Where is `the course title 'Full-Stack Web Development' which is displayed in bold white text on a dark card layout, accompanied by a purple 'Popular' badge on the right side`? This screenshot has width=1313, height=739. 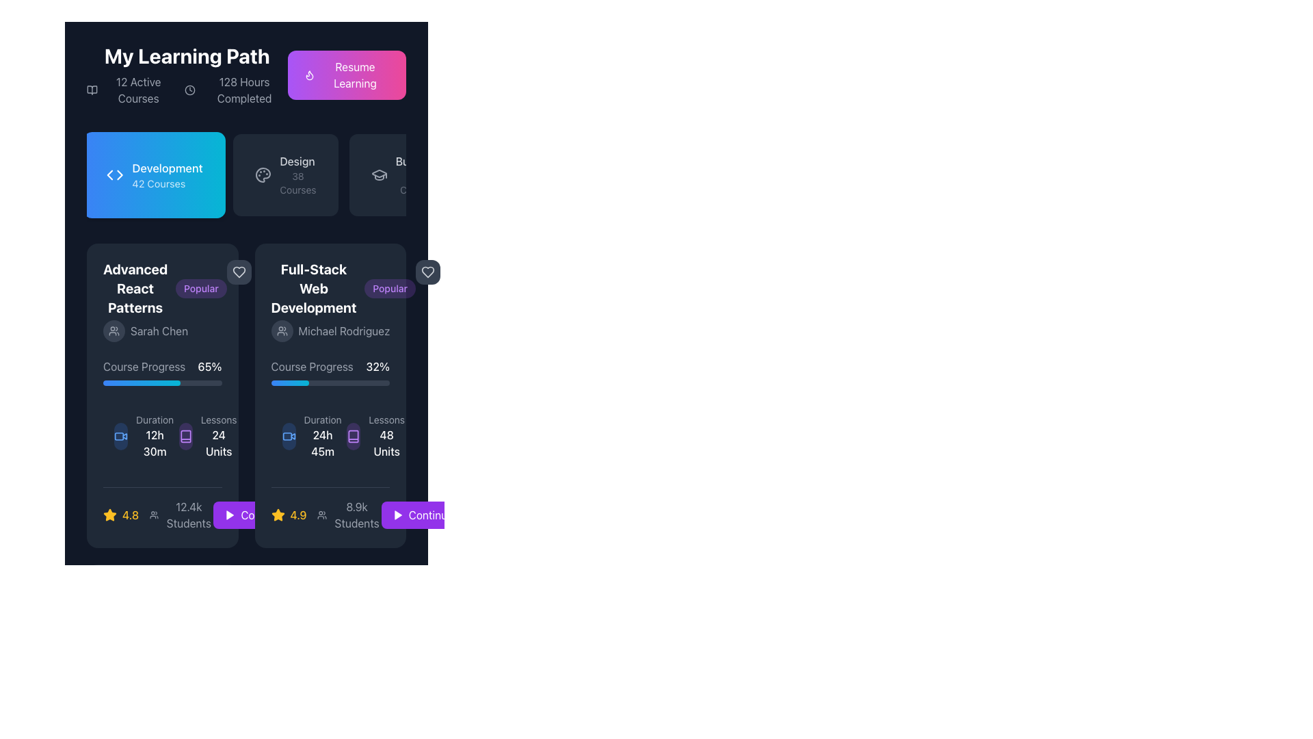 the course title 'Full-Stack Web Development' which is displayed in bold white text on a dark card layout, accompanied by a purple 'Popular' badge on the right side is located at coordinates (330, 300).